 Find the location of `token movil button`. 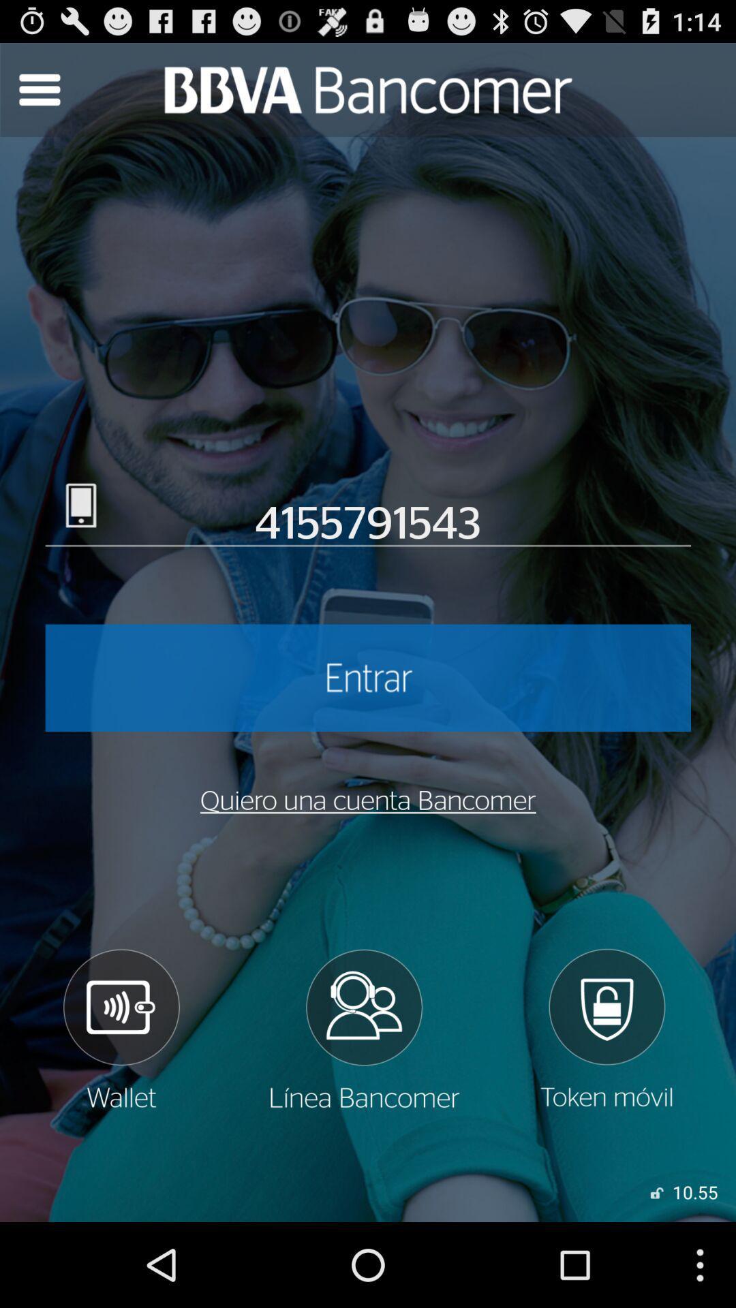

token movil button is located at coordinates (606, 1029).